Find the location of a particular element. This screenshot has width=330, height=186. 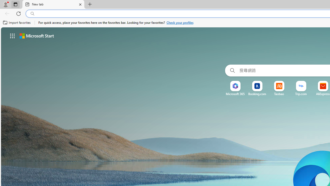

'Trip.com' is located at coordinates (301, 94).